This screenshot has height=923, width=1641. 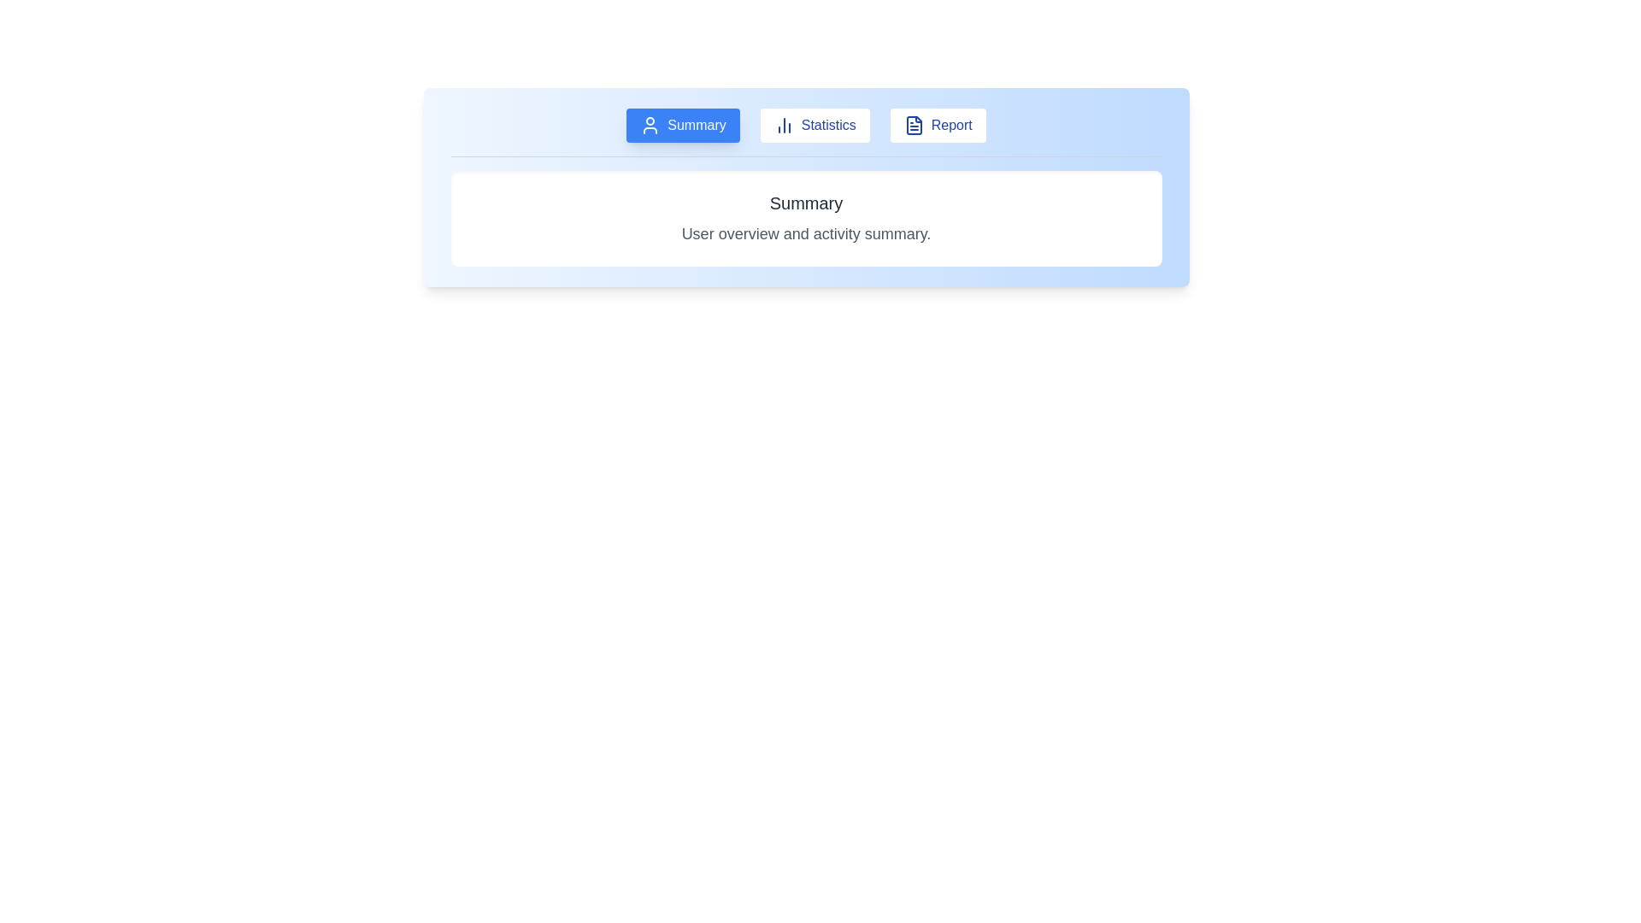 What do you see at coordinates (681, 124) in the screenshot?
I see `the Summary tab to view its content` at bounding box center [681, 124].